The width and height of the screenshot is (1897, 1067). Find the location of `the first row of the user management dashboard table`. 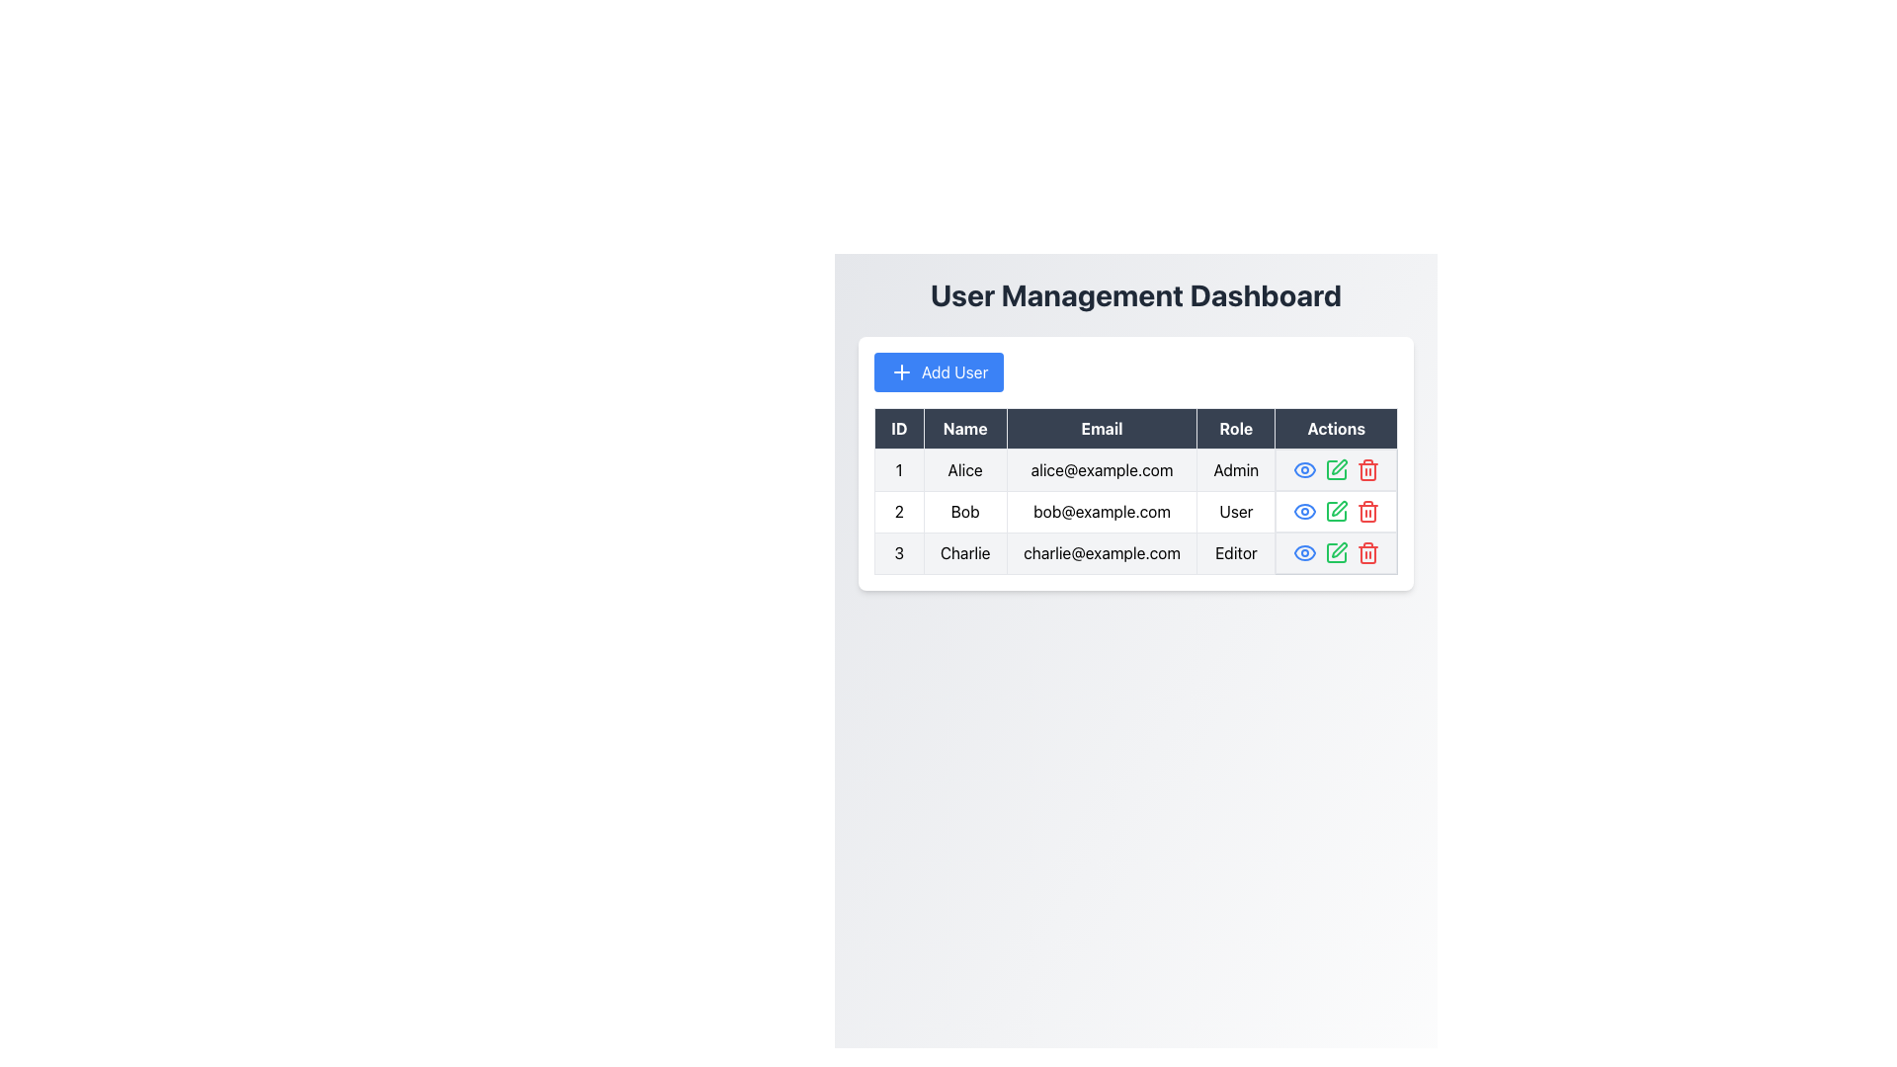

the first row of the user management dashboard table is located at coordinates (1136, 468).